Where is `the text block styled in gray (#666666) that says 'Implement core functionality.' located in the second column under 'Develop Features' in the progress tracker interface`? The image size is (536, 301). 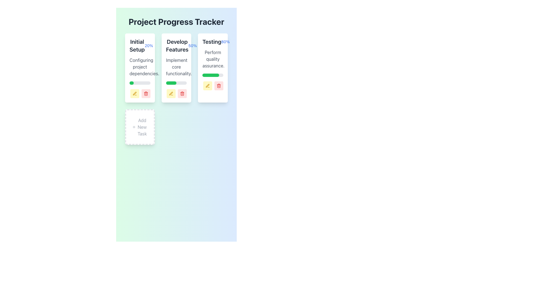 the text block styled in gray (#666666) that says 'Implement core functionality.' located in the second column under 'Develop Features' in the progress tracker interface is located at coordinates (176, 66).